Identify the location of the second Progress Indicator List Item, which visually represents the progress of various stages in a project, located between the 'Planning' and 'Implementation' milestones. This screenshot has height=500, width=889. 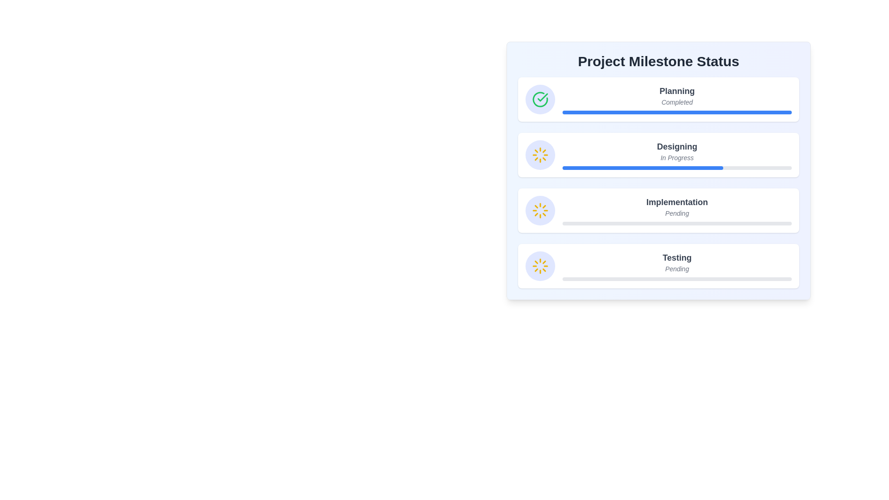
(658, 182).